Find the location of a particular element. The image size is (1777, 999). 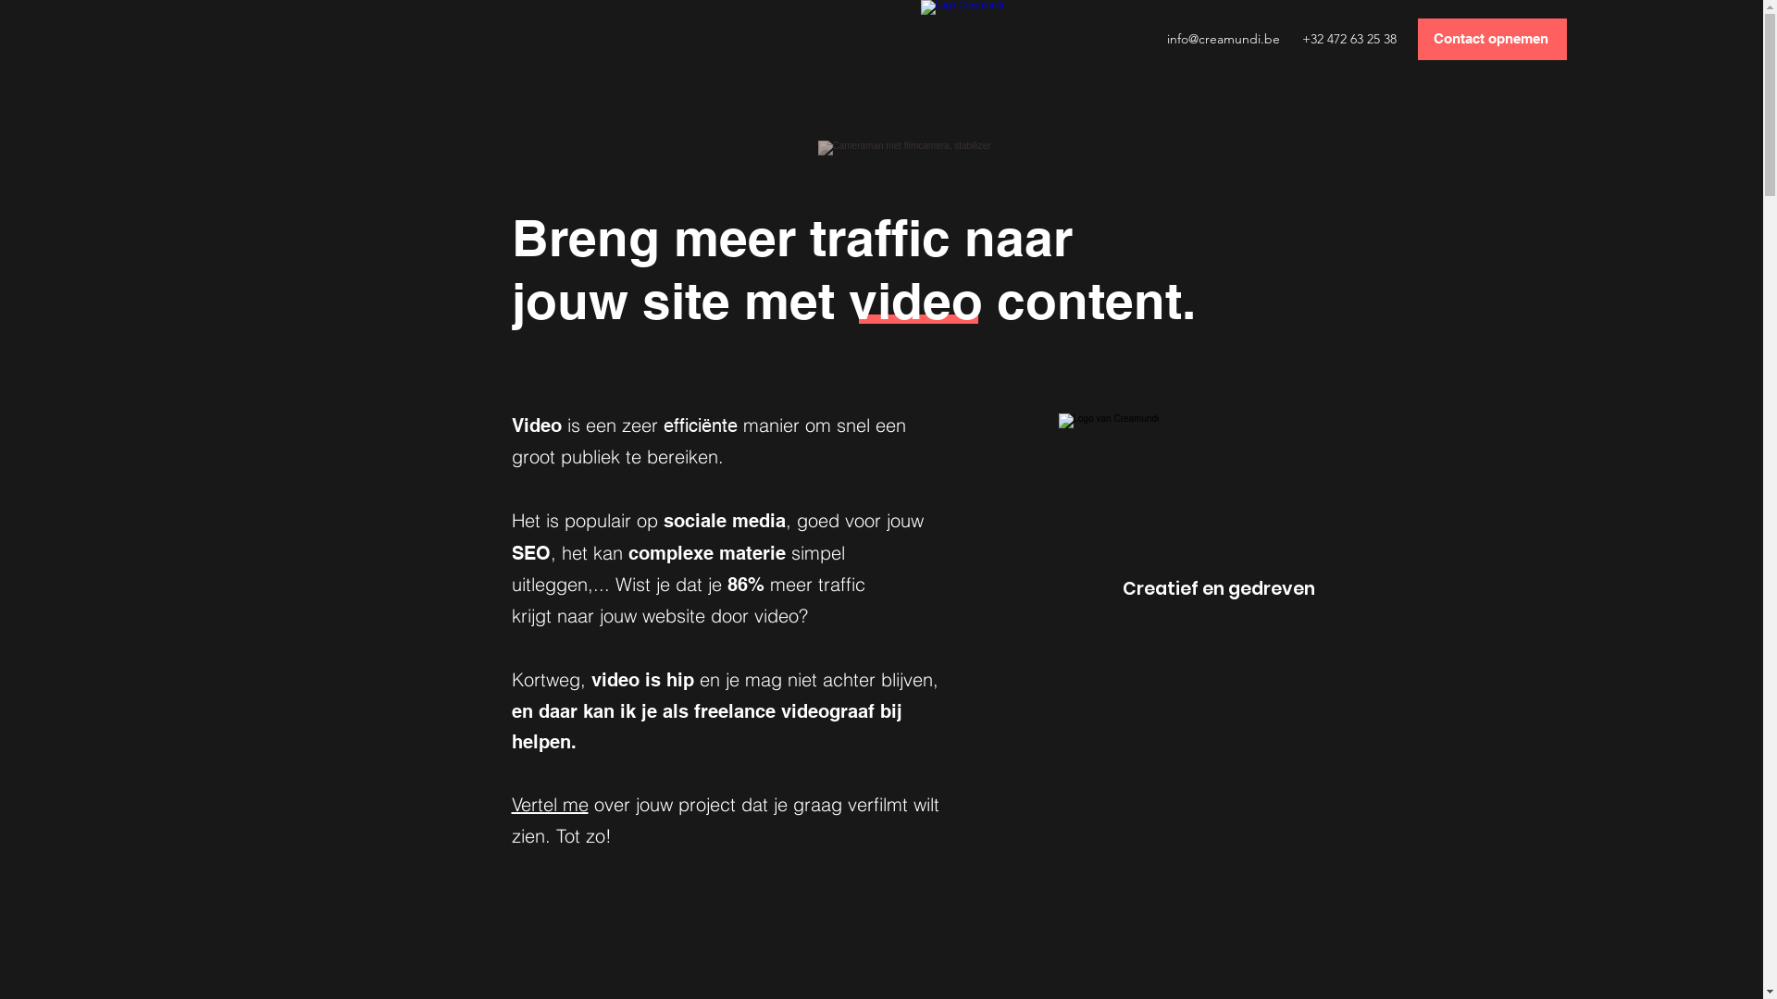

'Contact opnemen' is located at coordinates (1492, 39).